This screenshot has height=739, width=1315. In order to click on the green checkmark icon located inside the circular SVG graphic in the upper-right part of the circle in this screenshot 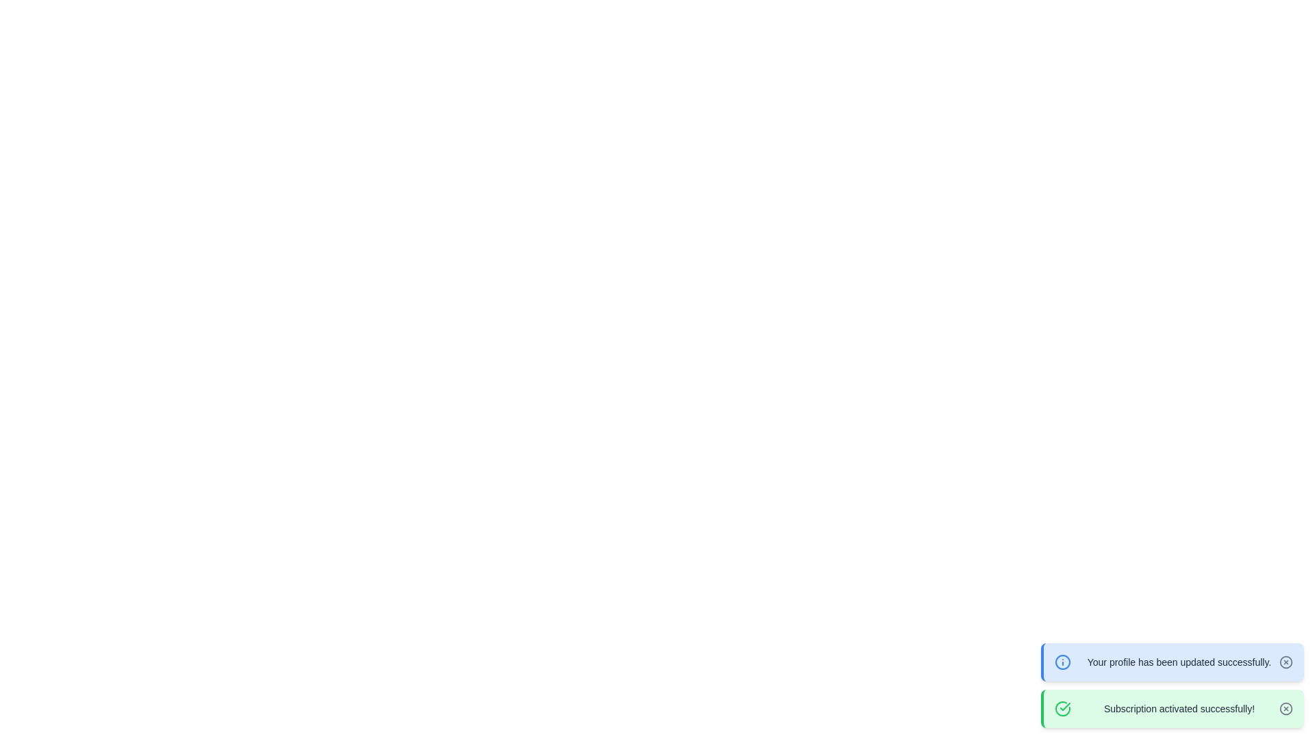, I will do `click(1064, 707)`.